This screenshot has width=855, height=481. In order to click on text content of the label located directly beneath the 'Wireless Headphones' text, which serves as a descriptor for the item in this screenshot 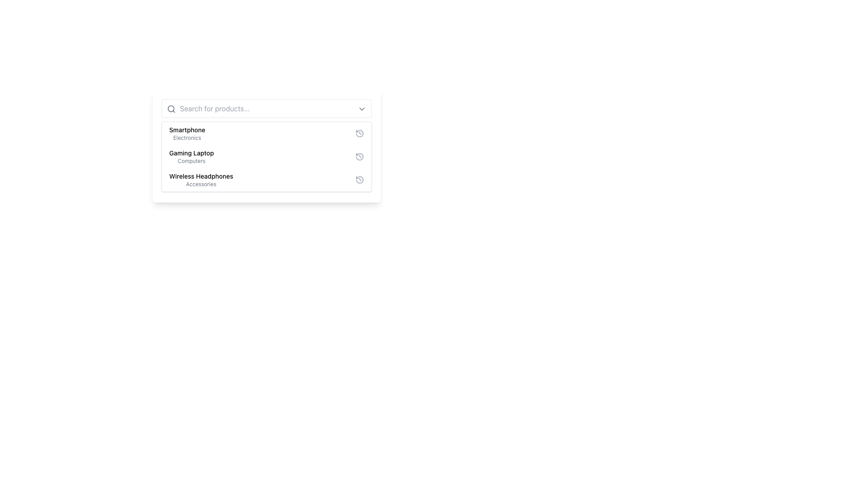, I will do `click(200, 183)`.